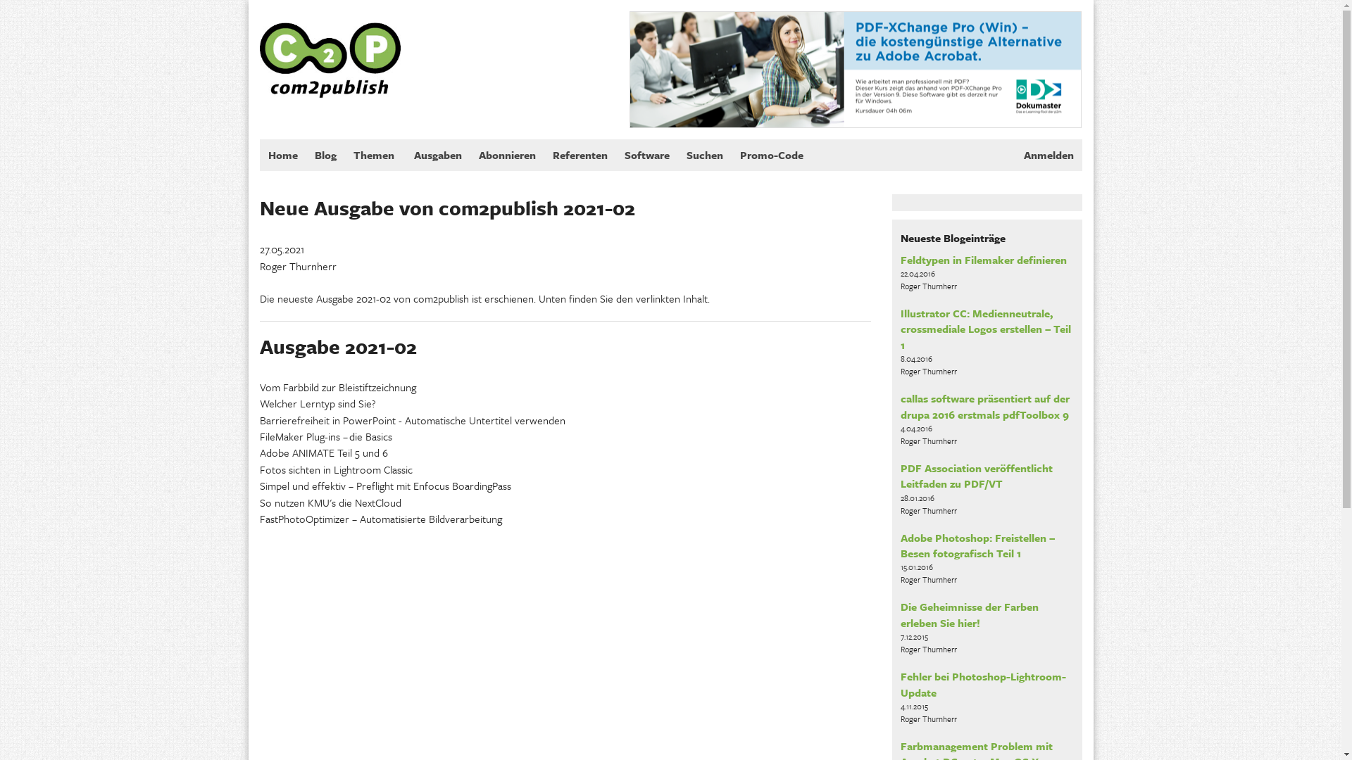  Describe the element at coordinates (899, 683) in the screenshot. I see `'Fehler bei Photoshop-Lightroom-Update'` at that location.